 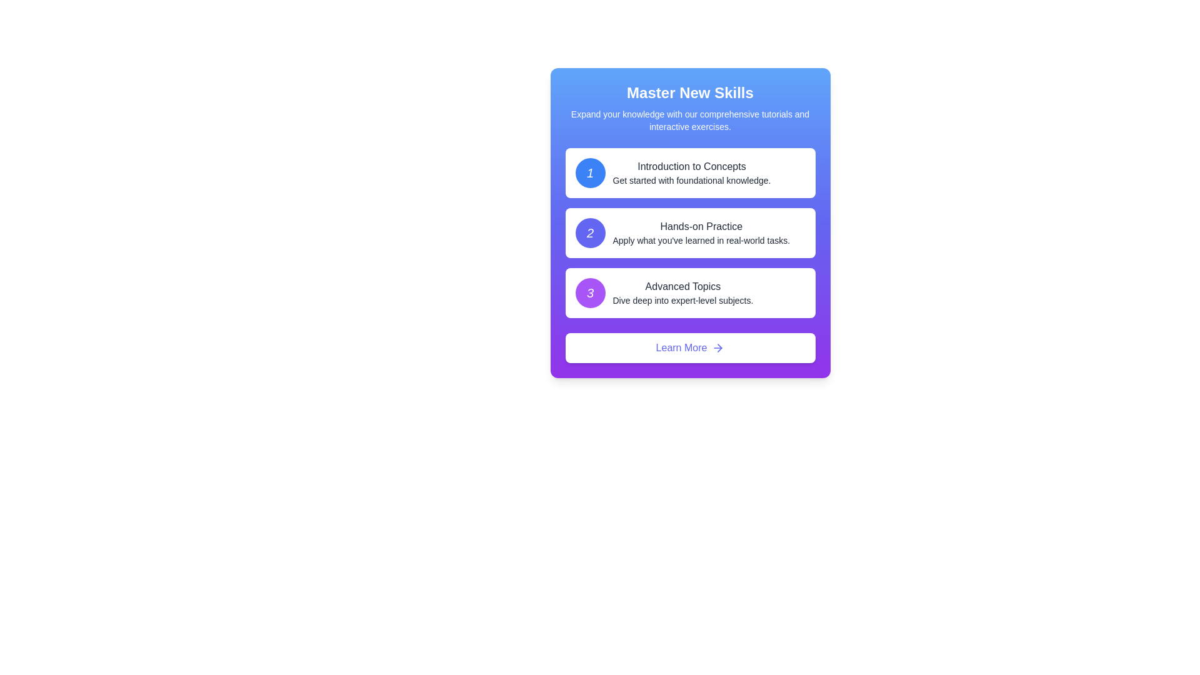 What do you see at coordinates (589, 293) in the screenshot?
I see `the circular badge displaying the number '3' with a purple background located in the 'Advanced Topics' content card` at bounding box center [589, 293].